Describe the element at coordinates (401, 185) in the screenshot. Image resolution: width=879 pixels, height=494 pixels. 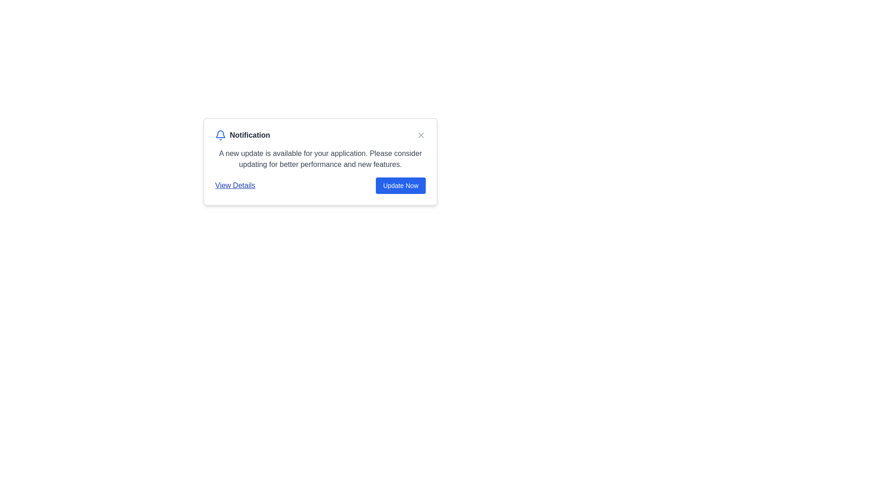
I see `the rectangular blue button labeled 'Update Now' located at the bottom-right corner of the notification box to change its shade` at that location.